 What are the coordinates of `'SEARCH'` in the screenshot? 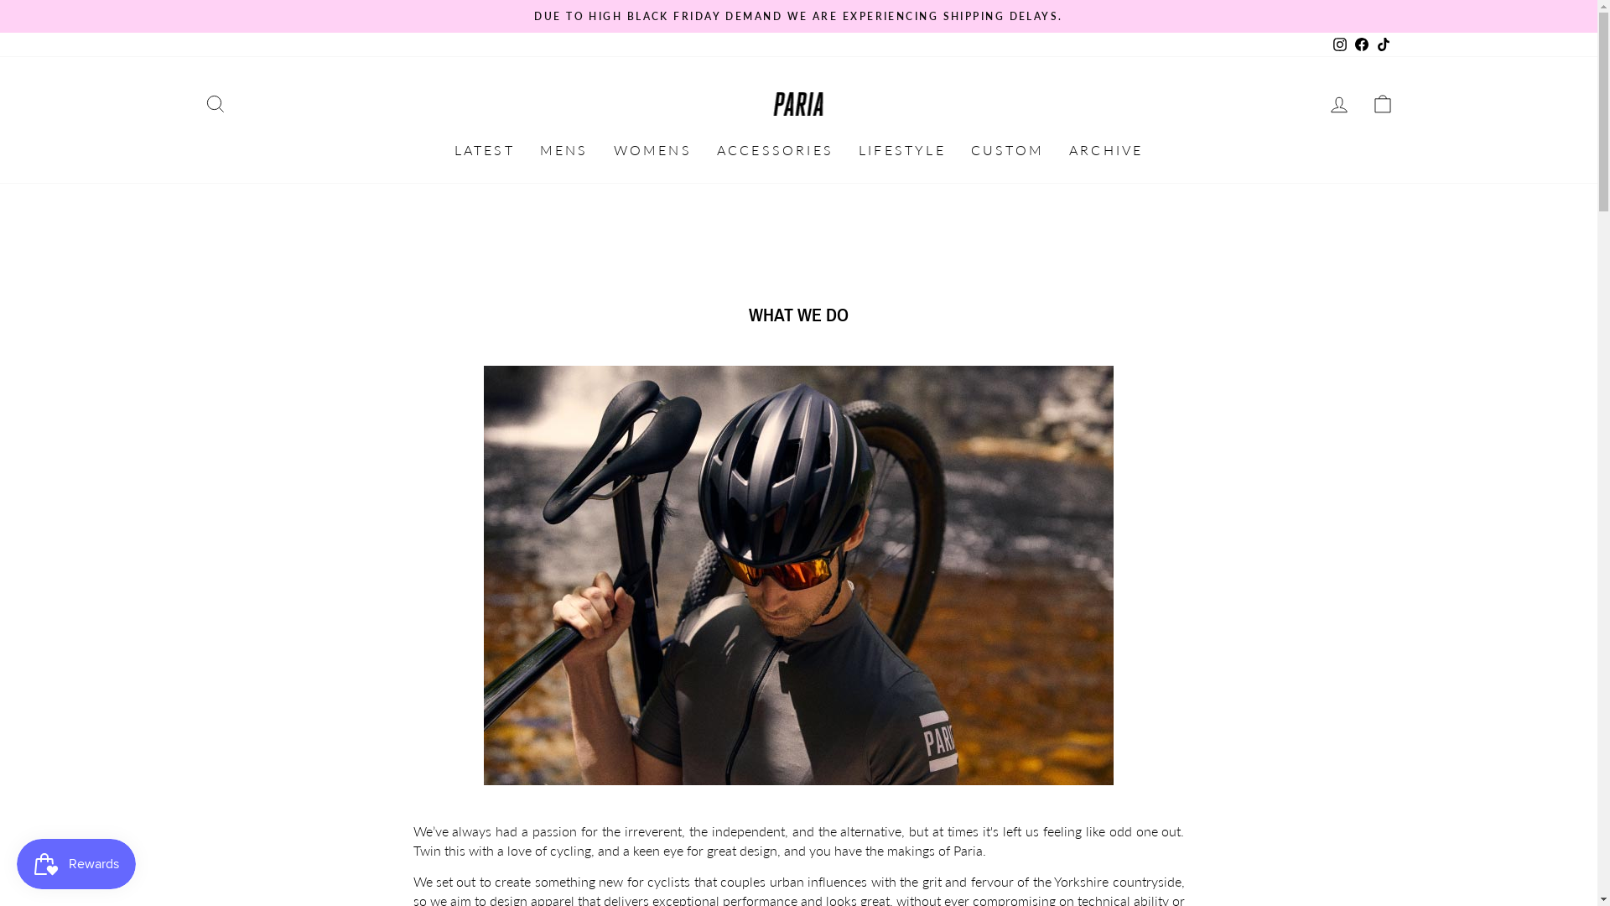 It's located at (213, 104).